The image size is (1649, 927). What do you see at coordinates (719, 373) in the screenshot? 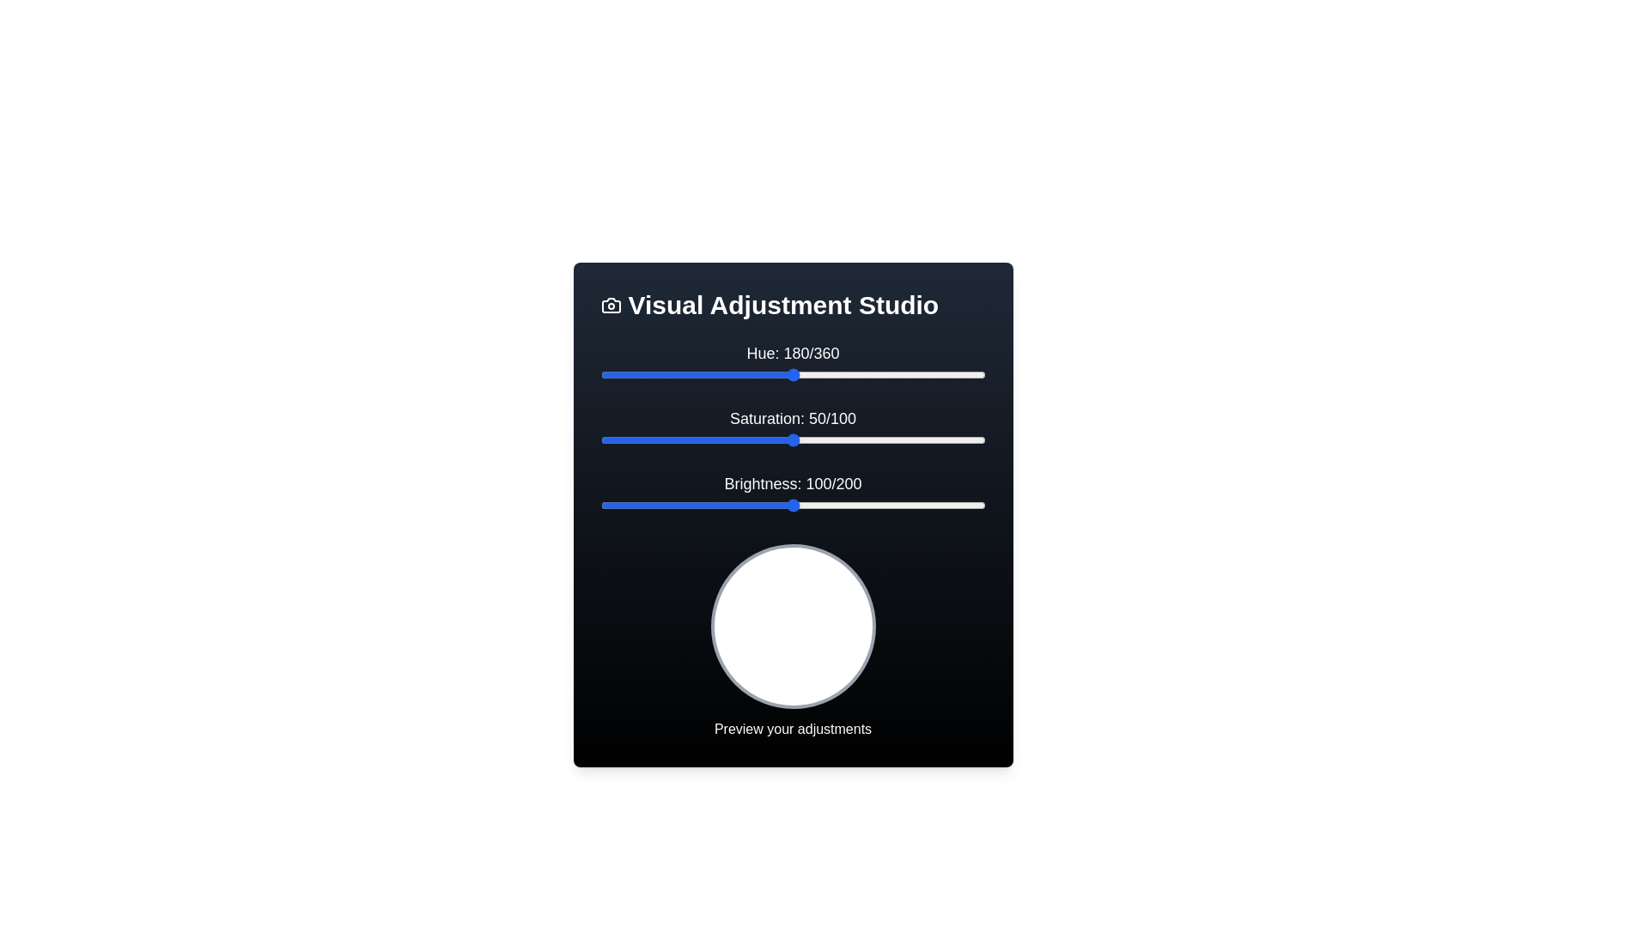
I see `the 'Hue' slider to 111 by dragging the slider` at bounding box center [719, 373].